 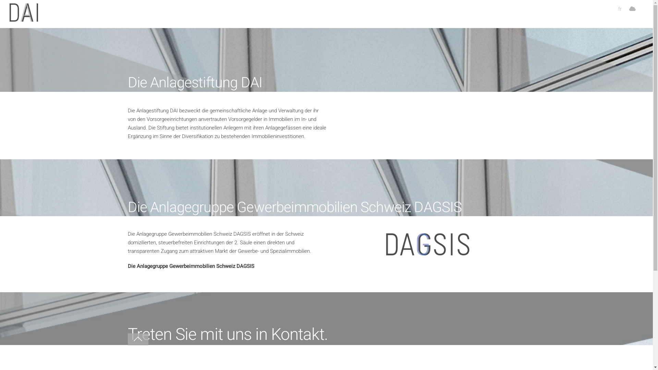 What do you see at coordinates (191, 266) in the screenshot?
I see `'Die Anlagegruppe Gewerbeimmobilien Schweiz DAGSIS'` at bounding box center [191, 266].